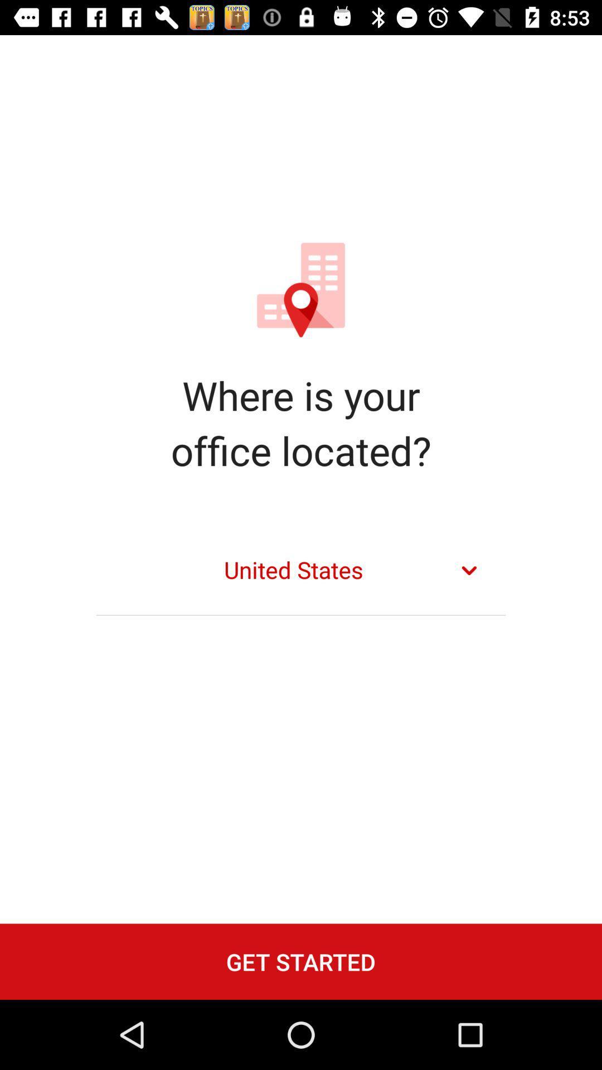  Describe the element at coordinates (301, 961) in the screenshot. I see `the get started icon` at that location.